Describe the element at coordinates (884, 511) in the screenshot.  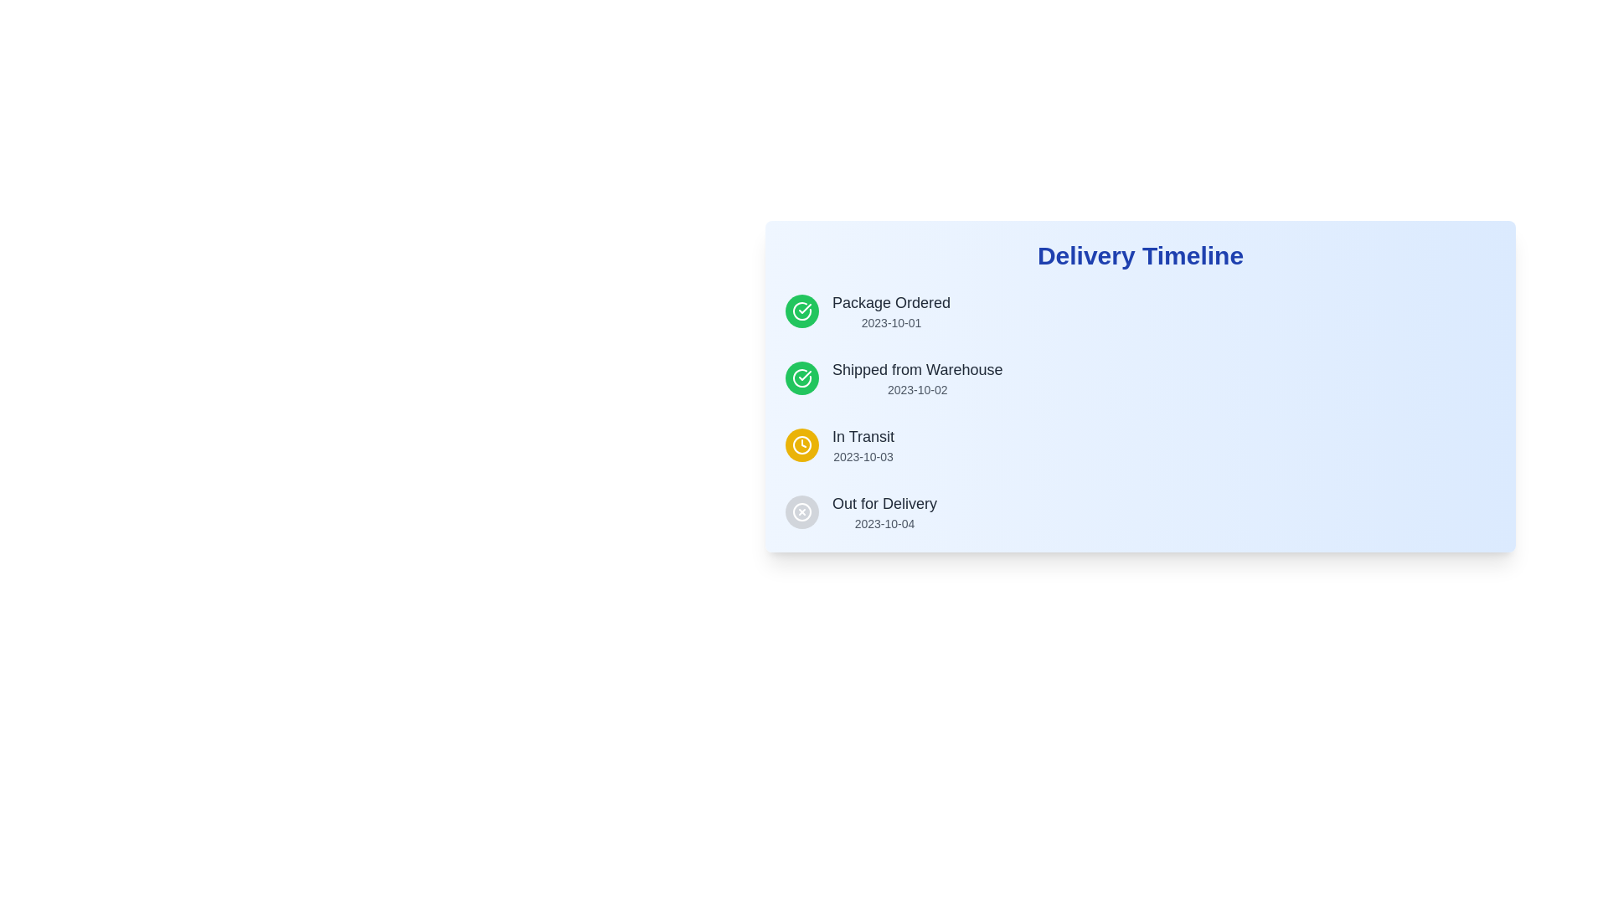
I see `the text element displaying 'Out for Delivery' above the date '2023-10-04', which is the fourth entry in the delivery timeline list` at that location.